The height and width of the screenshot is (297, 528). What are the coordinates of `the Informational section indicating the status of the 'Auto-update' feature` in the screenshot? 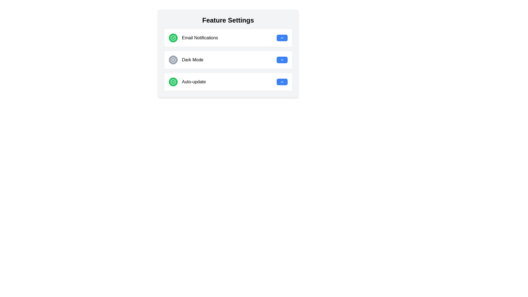 It's located at (228, 82).